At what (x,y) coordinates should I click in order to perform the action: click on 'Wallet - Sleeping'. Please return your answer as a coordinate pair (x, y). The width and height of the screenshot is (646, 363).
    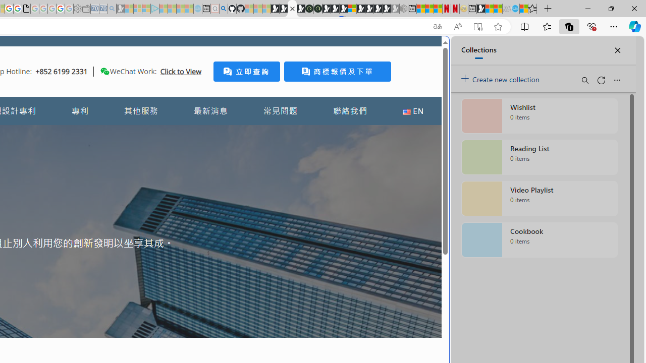
    Looking at the image, I should click on (86, 9).